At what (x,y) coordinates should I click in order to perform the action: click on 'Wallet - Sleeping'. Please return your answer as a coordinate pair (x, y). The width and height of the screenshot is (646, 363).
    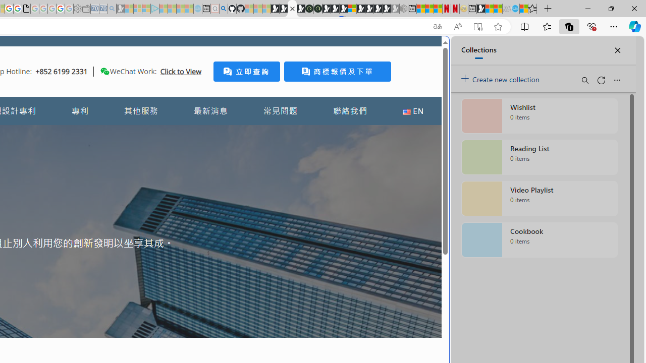
    Looking at the image, I should click on (86, 9).